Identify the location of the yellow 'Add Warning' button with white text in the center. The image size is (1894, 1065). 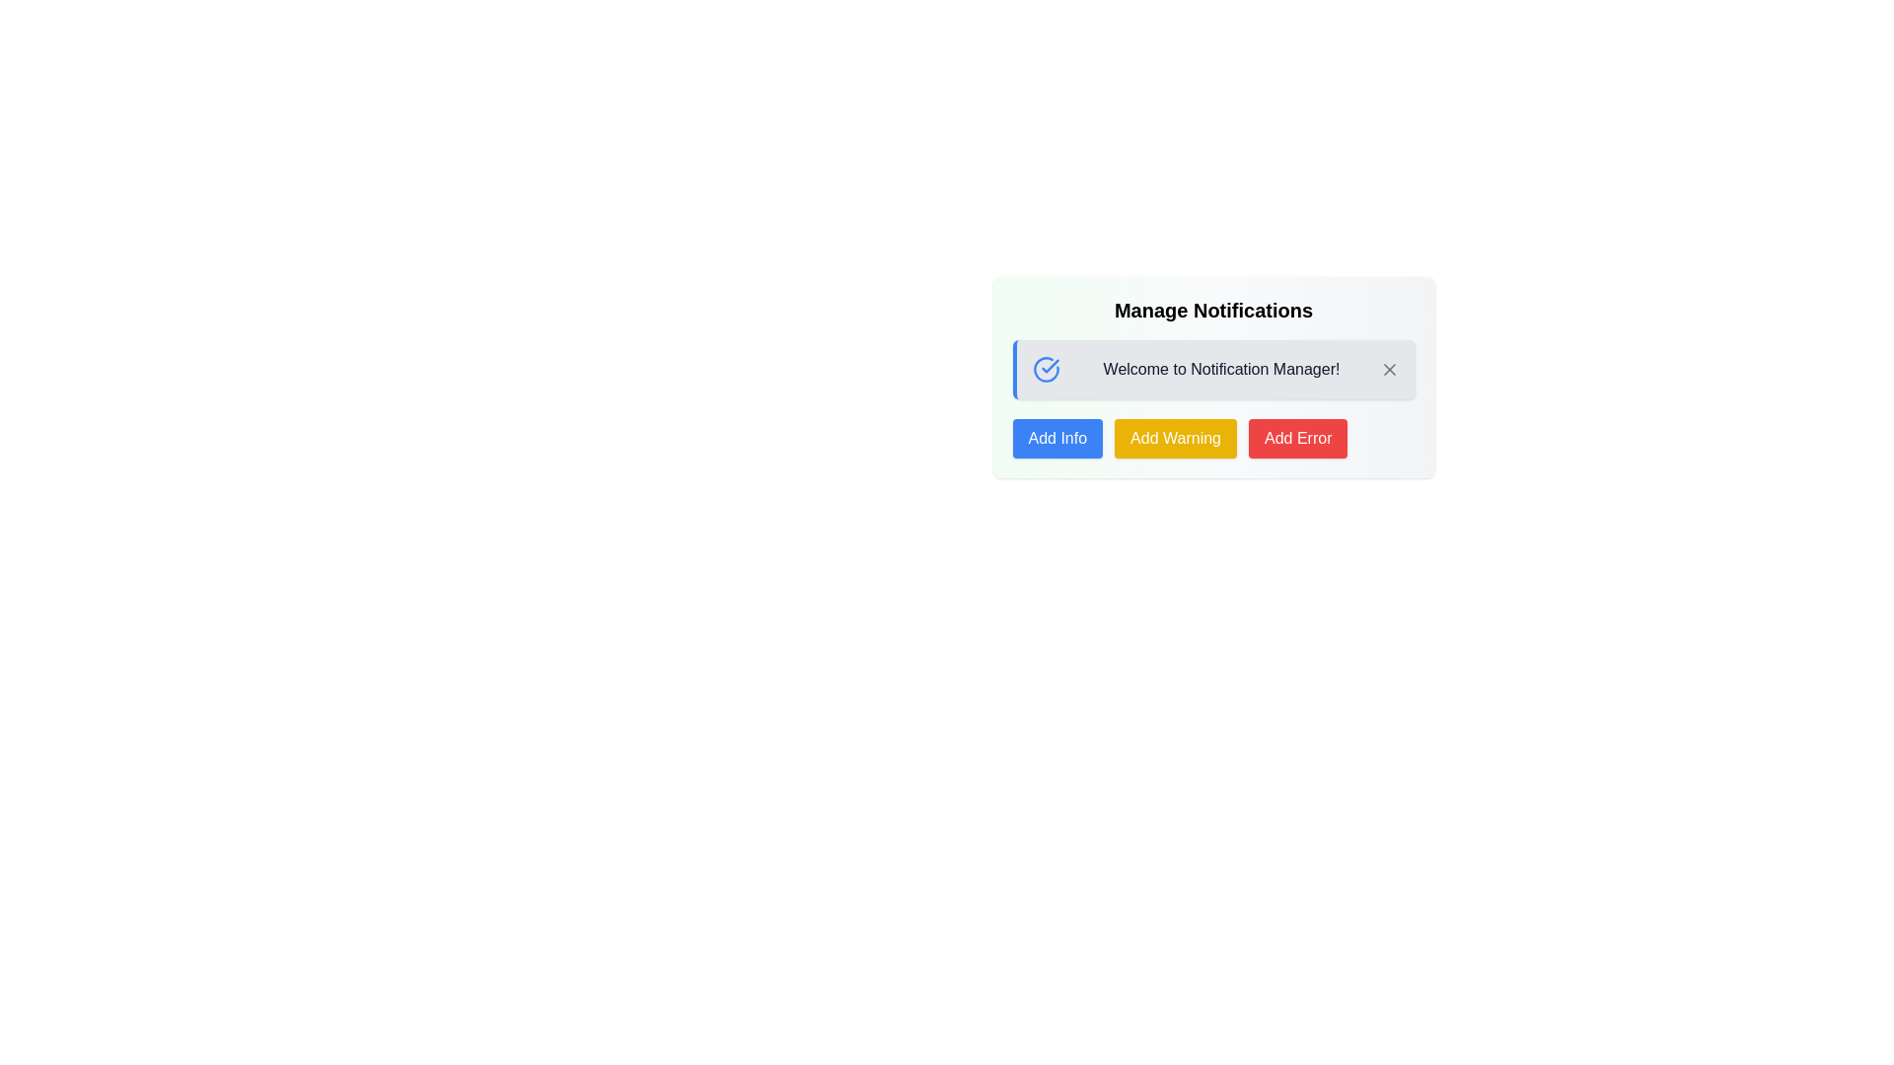
(1176, 437).